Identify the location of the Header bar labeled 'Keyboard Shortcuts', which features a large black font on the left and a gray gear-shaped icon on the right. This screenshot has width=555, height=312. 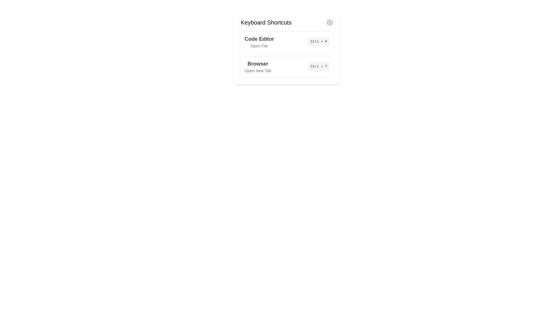
(287, 22).